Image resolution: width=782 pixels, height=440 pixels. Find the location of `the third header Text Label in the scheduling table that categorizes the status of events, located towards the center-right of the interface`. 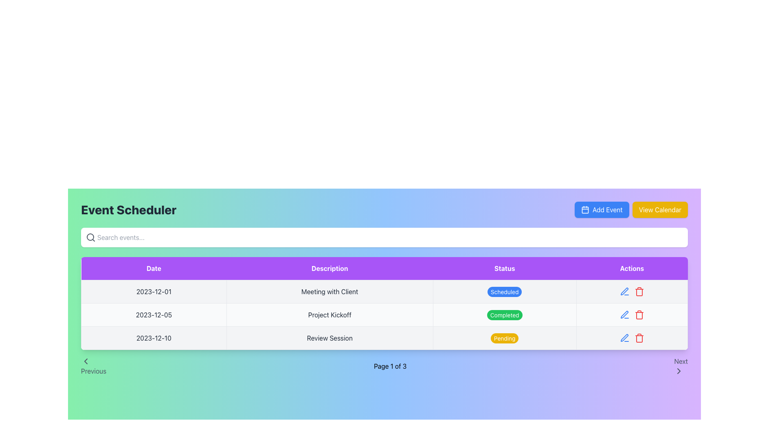

the third header Text Label in the scheduling table that categorizes the status of events, located towards the center-right of the interface is located at coordinates (504, 268).